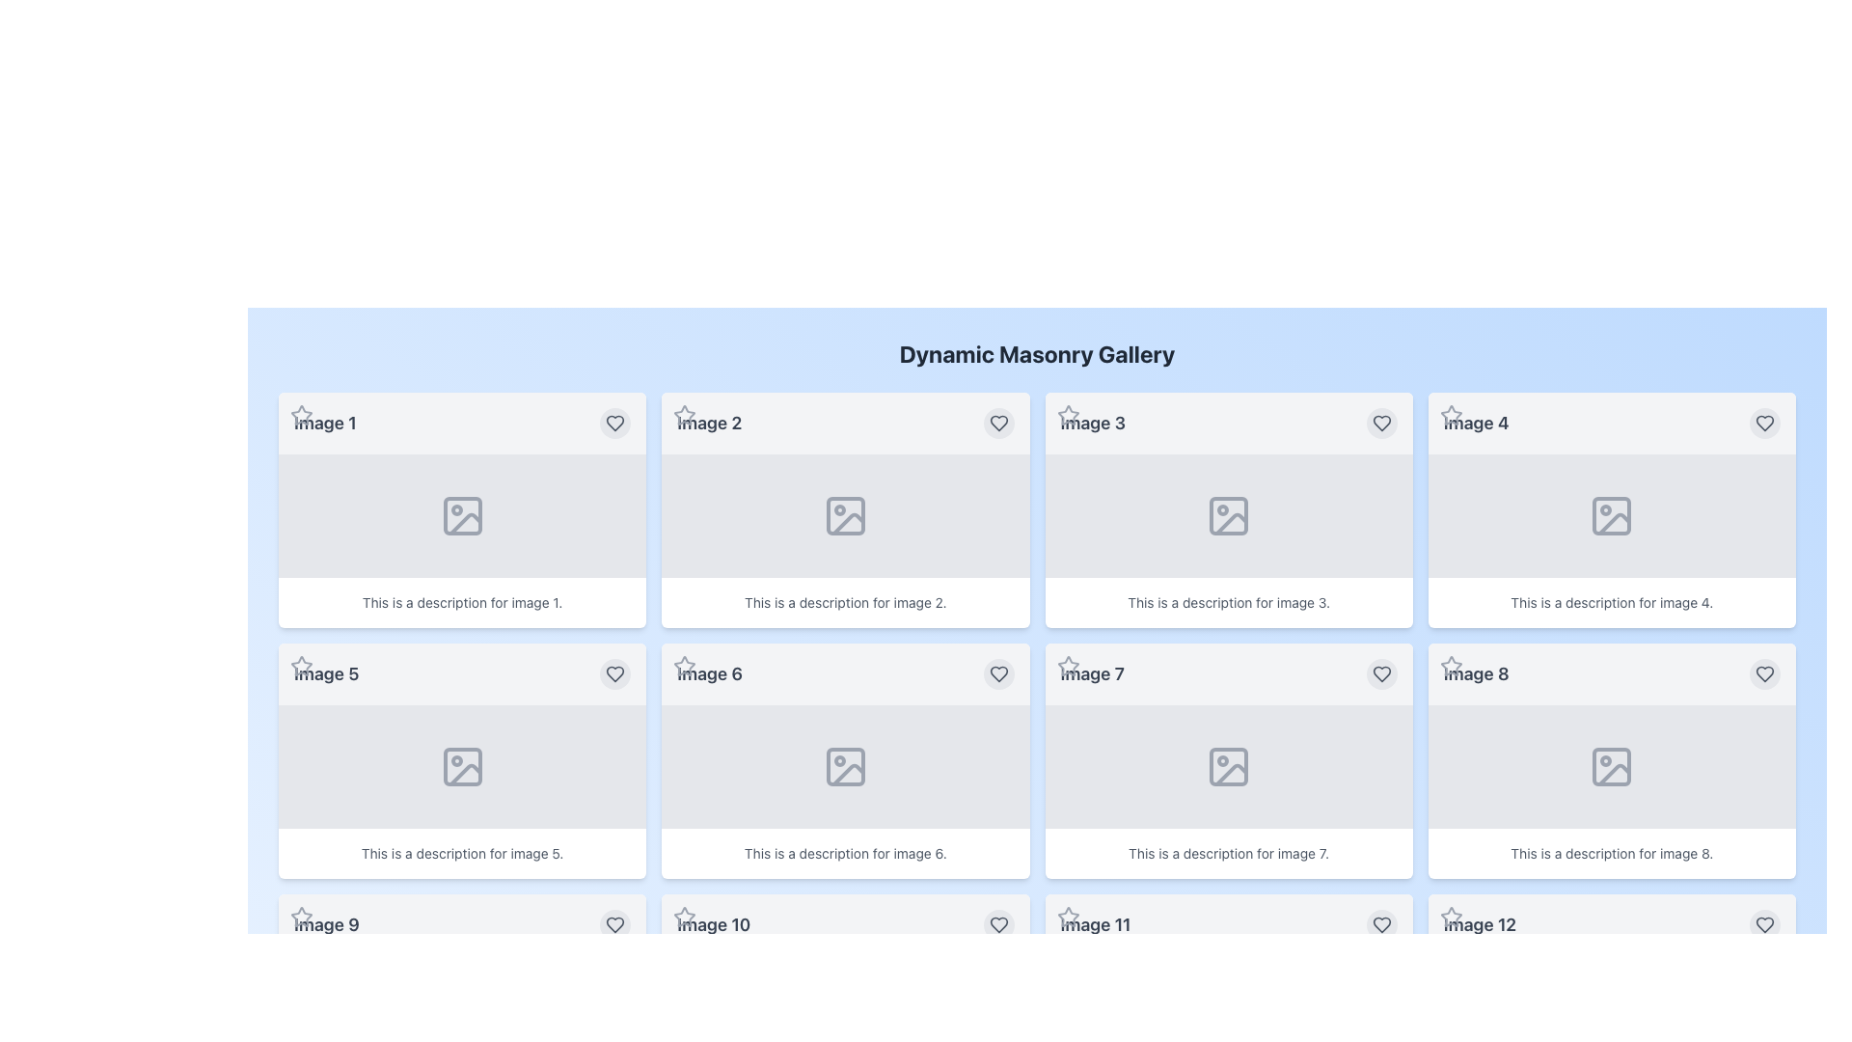 The image size is (1852, 1042). Describe the element at coordinates (1067, 917) in the screenshot. I see `the star-shaped icon button located in the upper-left corner of the card labeled 'Image 11'` at that location.